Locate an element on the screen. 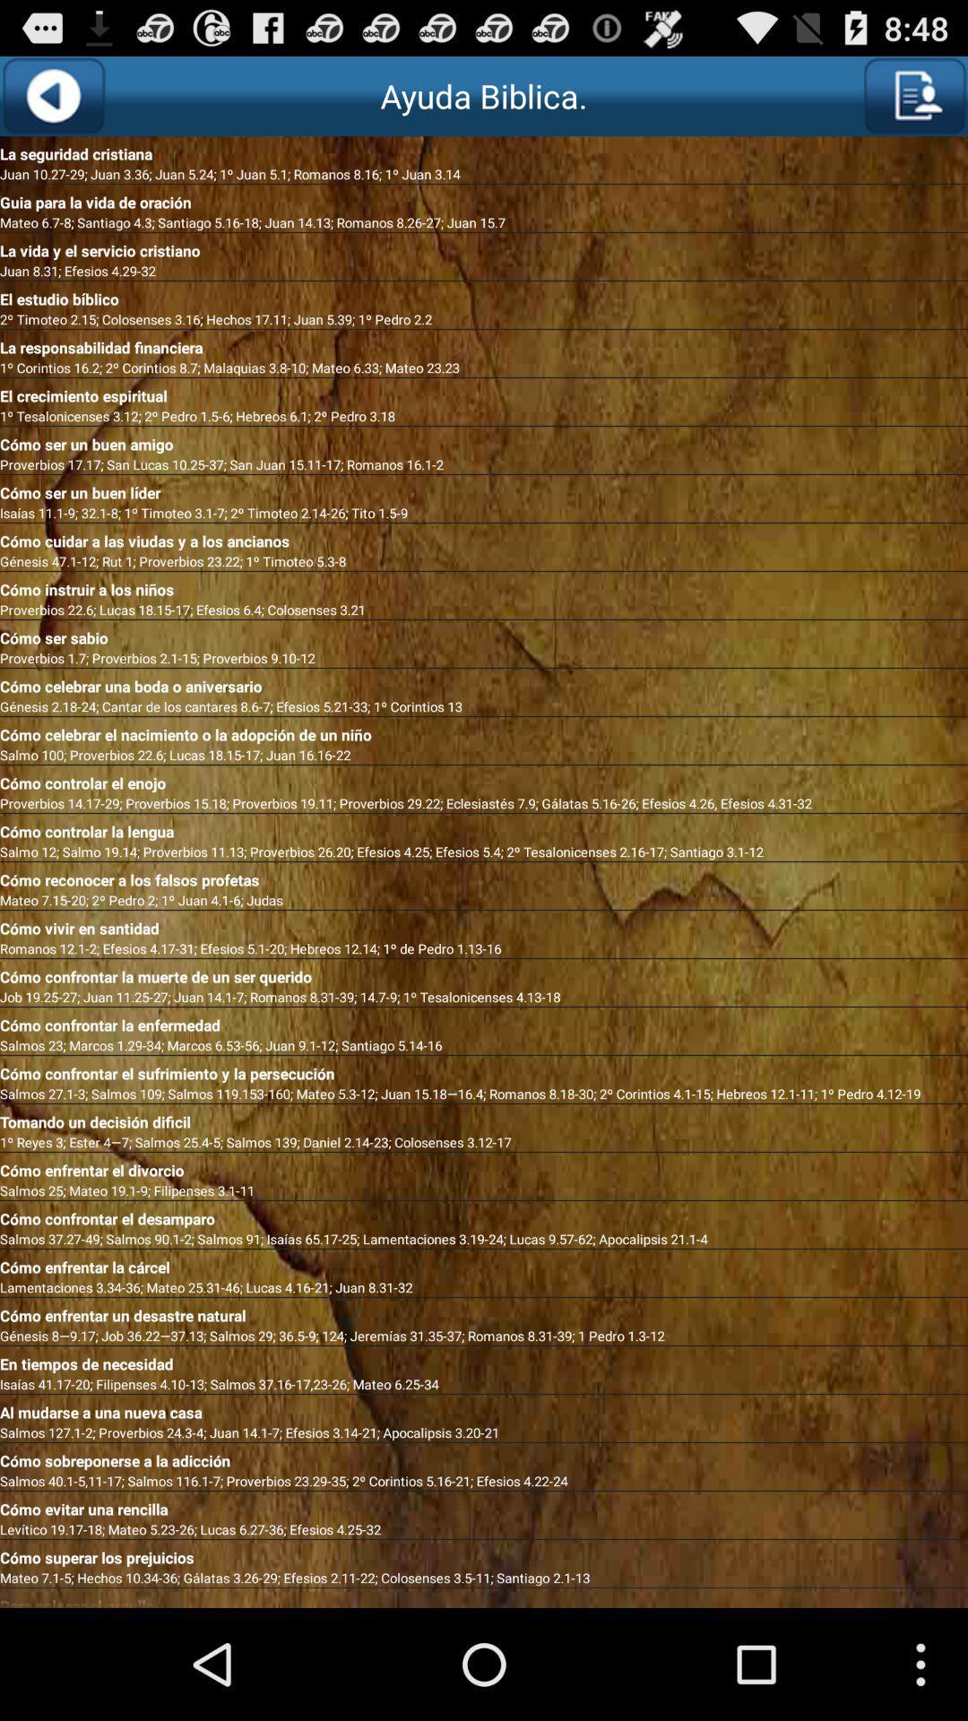  the la responsabilidad financiera icon is located at coordinates (484, 344).